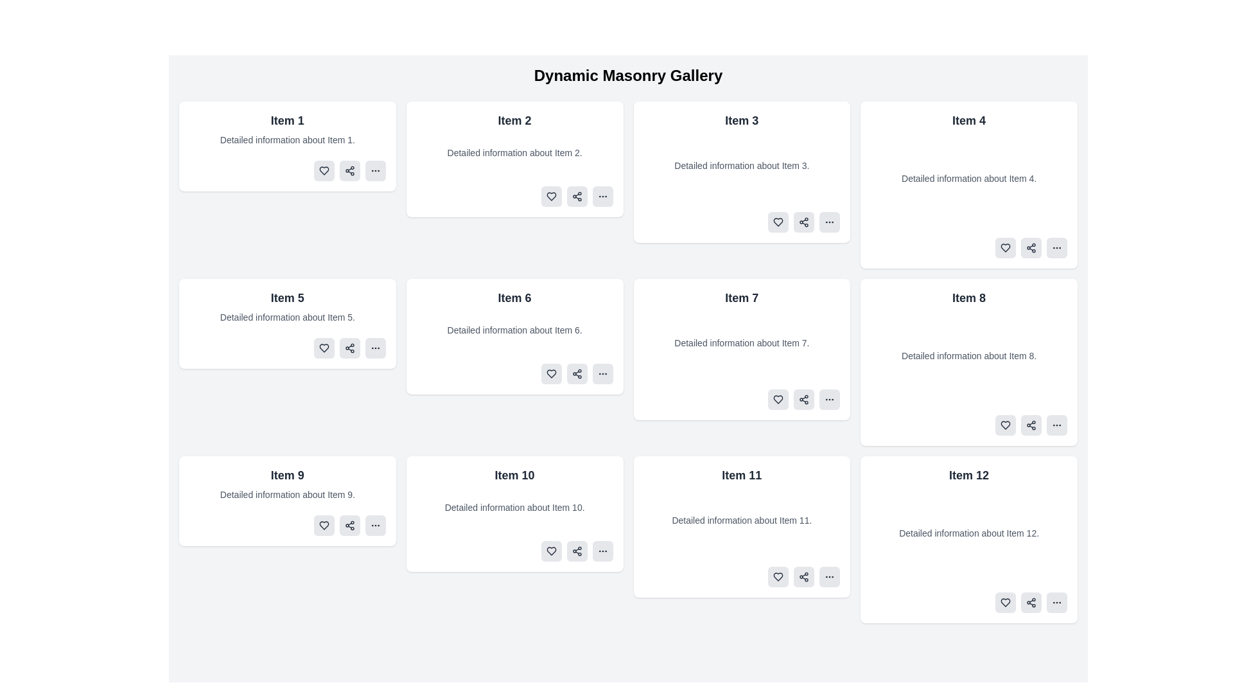  What do you see at coordinates (602, 374) in the screenshot?
I see `the ellipsis button (three horizontal dots) with a gray background and rounded borders located in the action area of 'Item 6'` at bounding box center [602, 374].